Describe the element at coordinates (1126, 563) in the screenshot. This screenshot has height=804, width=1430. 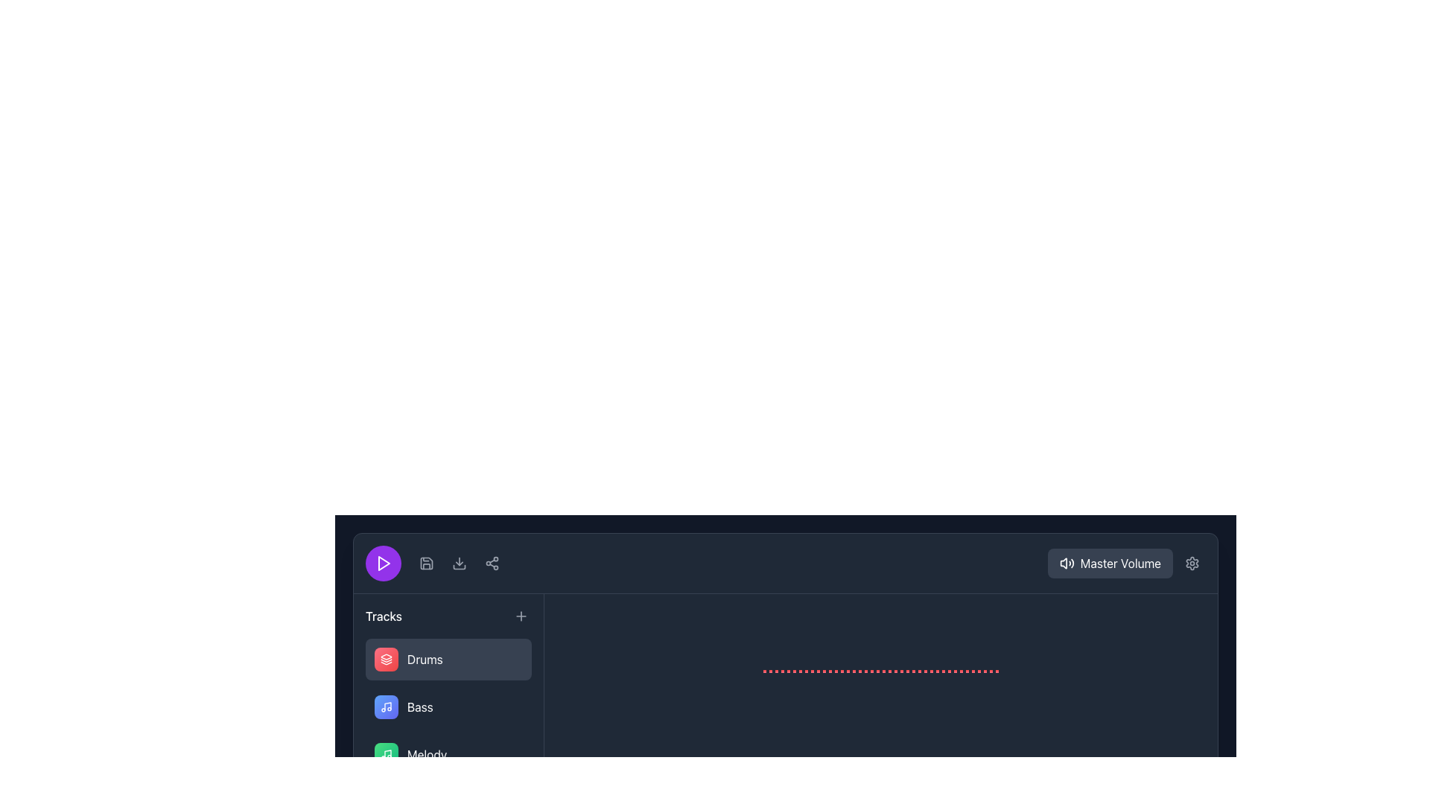
I see `the Interactive Button/Text Element for managing or accessing the 'Master Volume' settings, located in the top-right corner of the application layout` at that location.